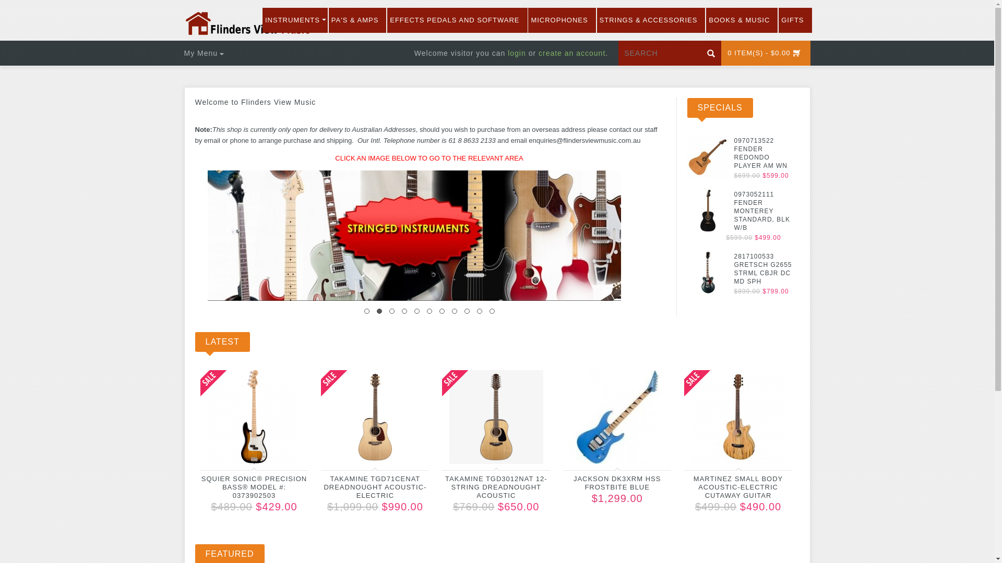  What do you see at coordinates (451, 311) in the screenshot?
I see `'8'` at bounding box center [451, 311].